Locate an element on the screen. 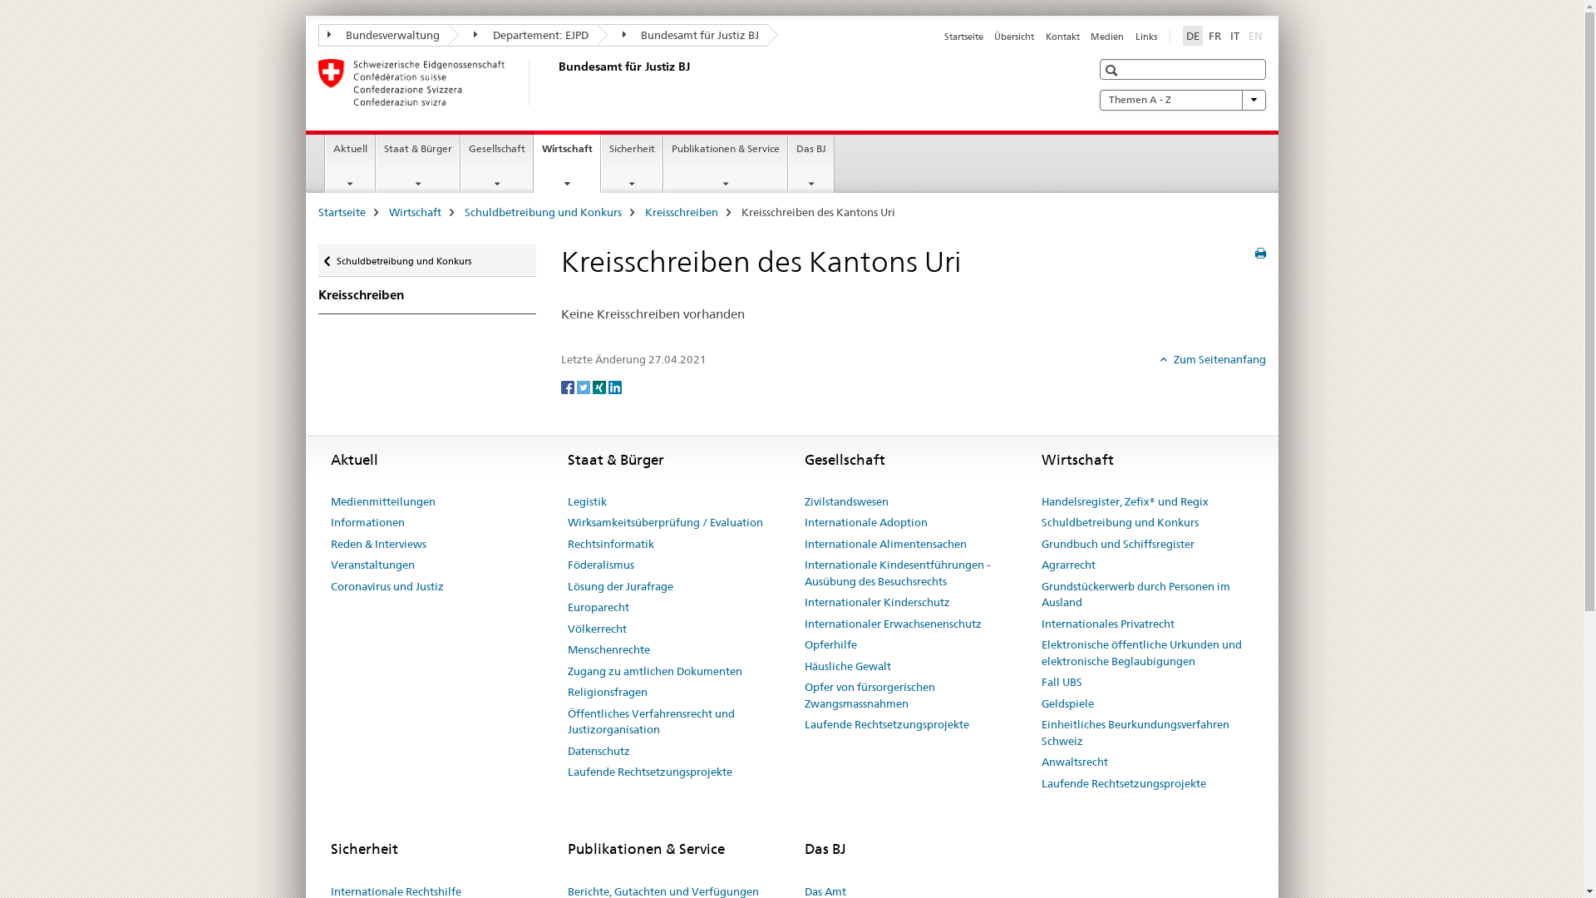 The width and height of the screenshot is (1596, 898). 'Bundesverwaltung' is located at coordinates (382, 35).